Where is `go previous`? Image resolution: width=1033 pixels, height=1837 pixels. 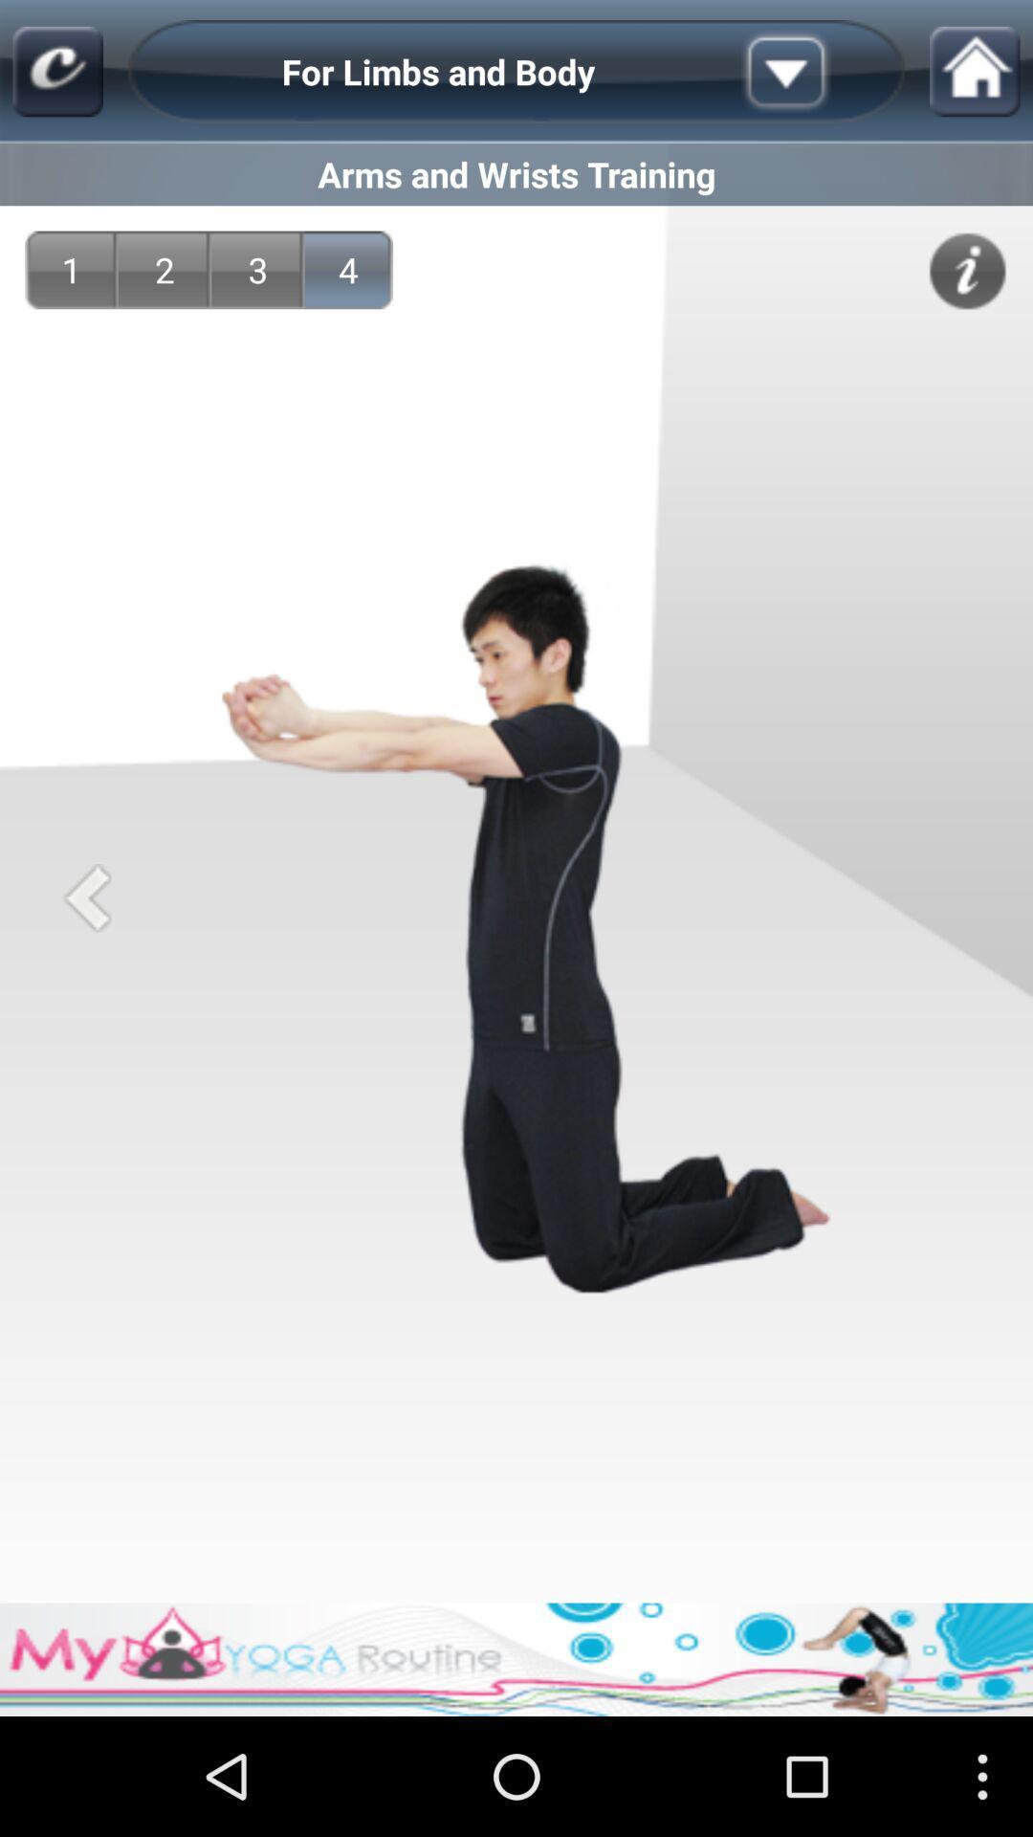
go previous is located at coordinates (87, 896).